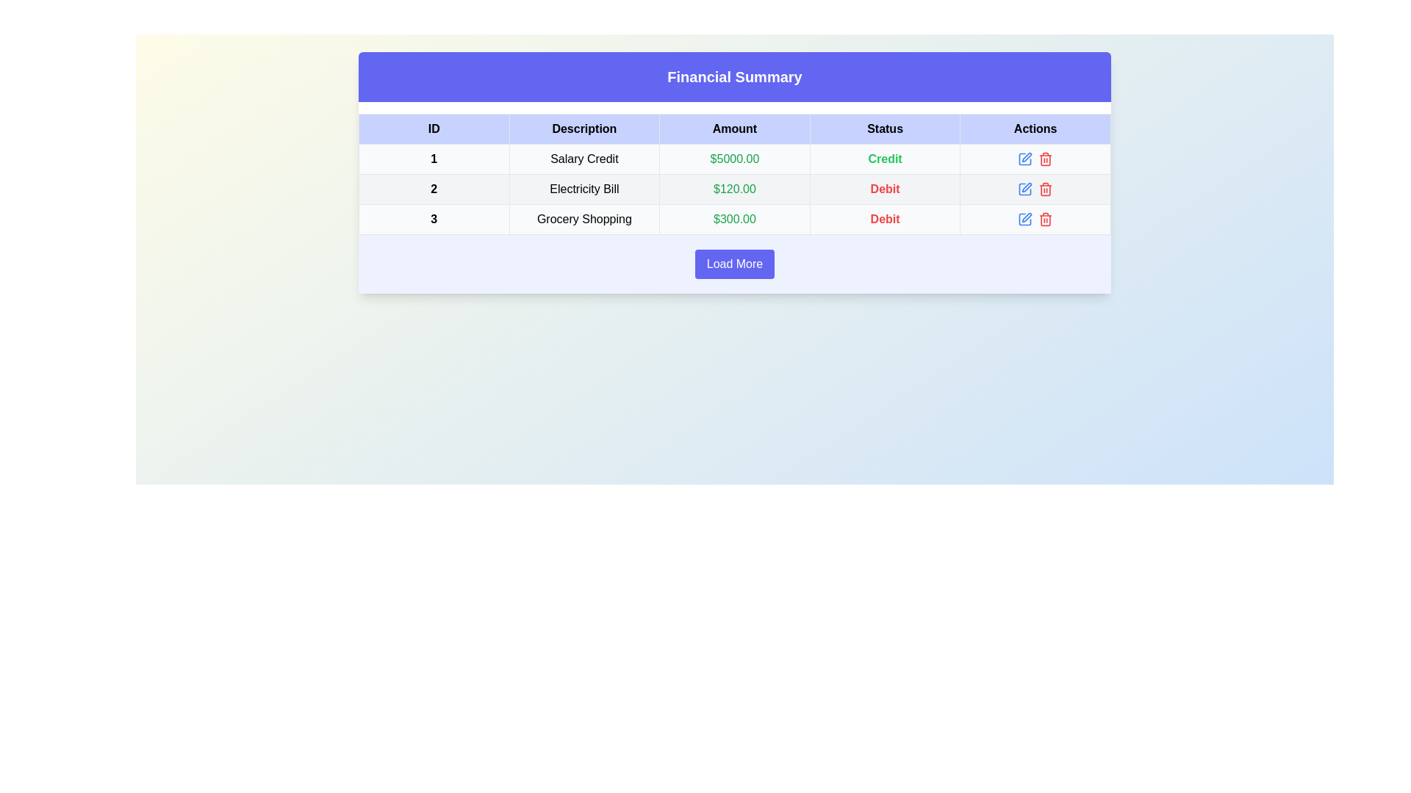 Image resolution: width=1411 pixels, height=793 pixels. What do you see at coordinates (1024, 159) in the screenshot?
I see `the square outline of the pen-edit symbol SVG icon located in the 'Actions' column of the financial summary table, positioned to the left of the trash icon` at bounding box center [1024, 159].